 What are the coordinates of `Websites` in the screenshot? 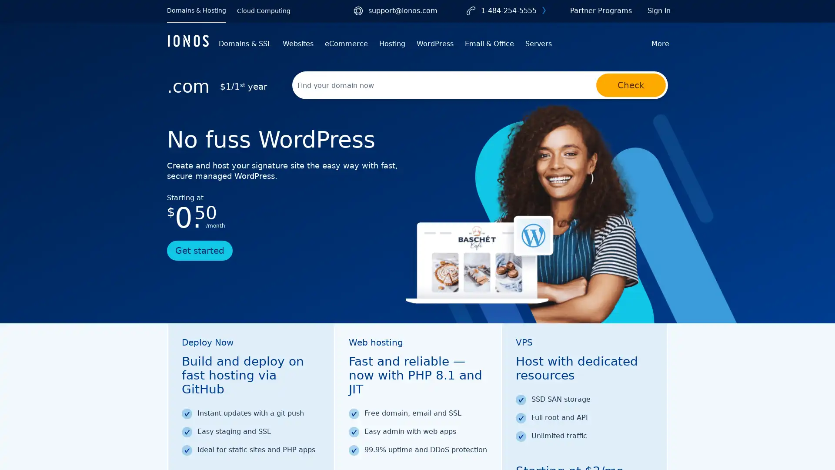 It's located at (294, 44).